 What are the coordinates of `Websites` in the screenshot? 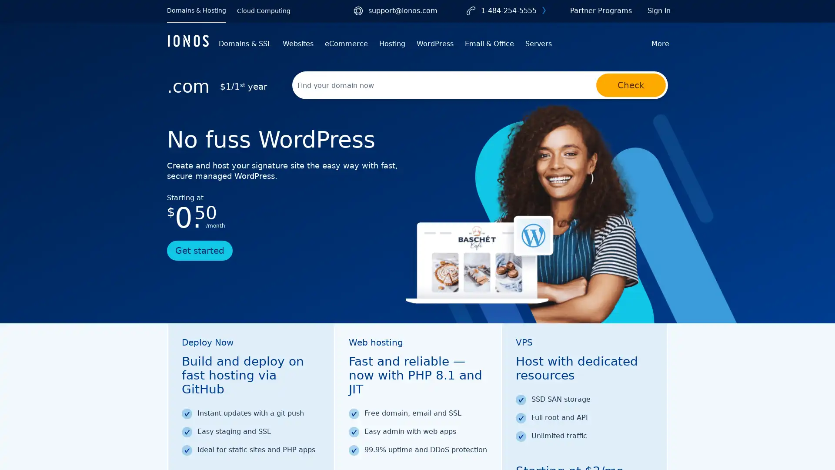 It's located at (294, 44).